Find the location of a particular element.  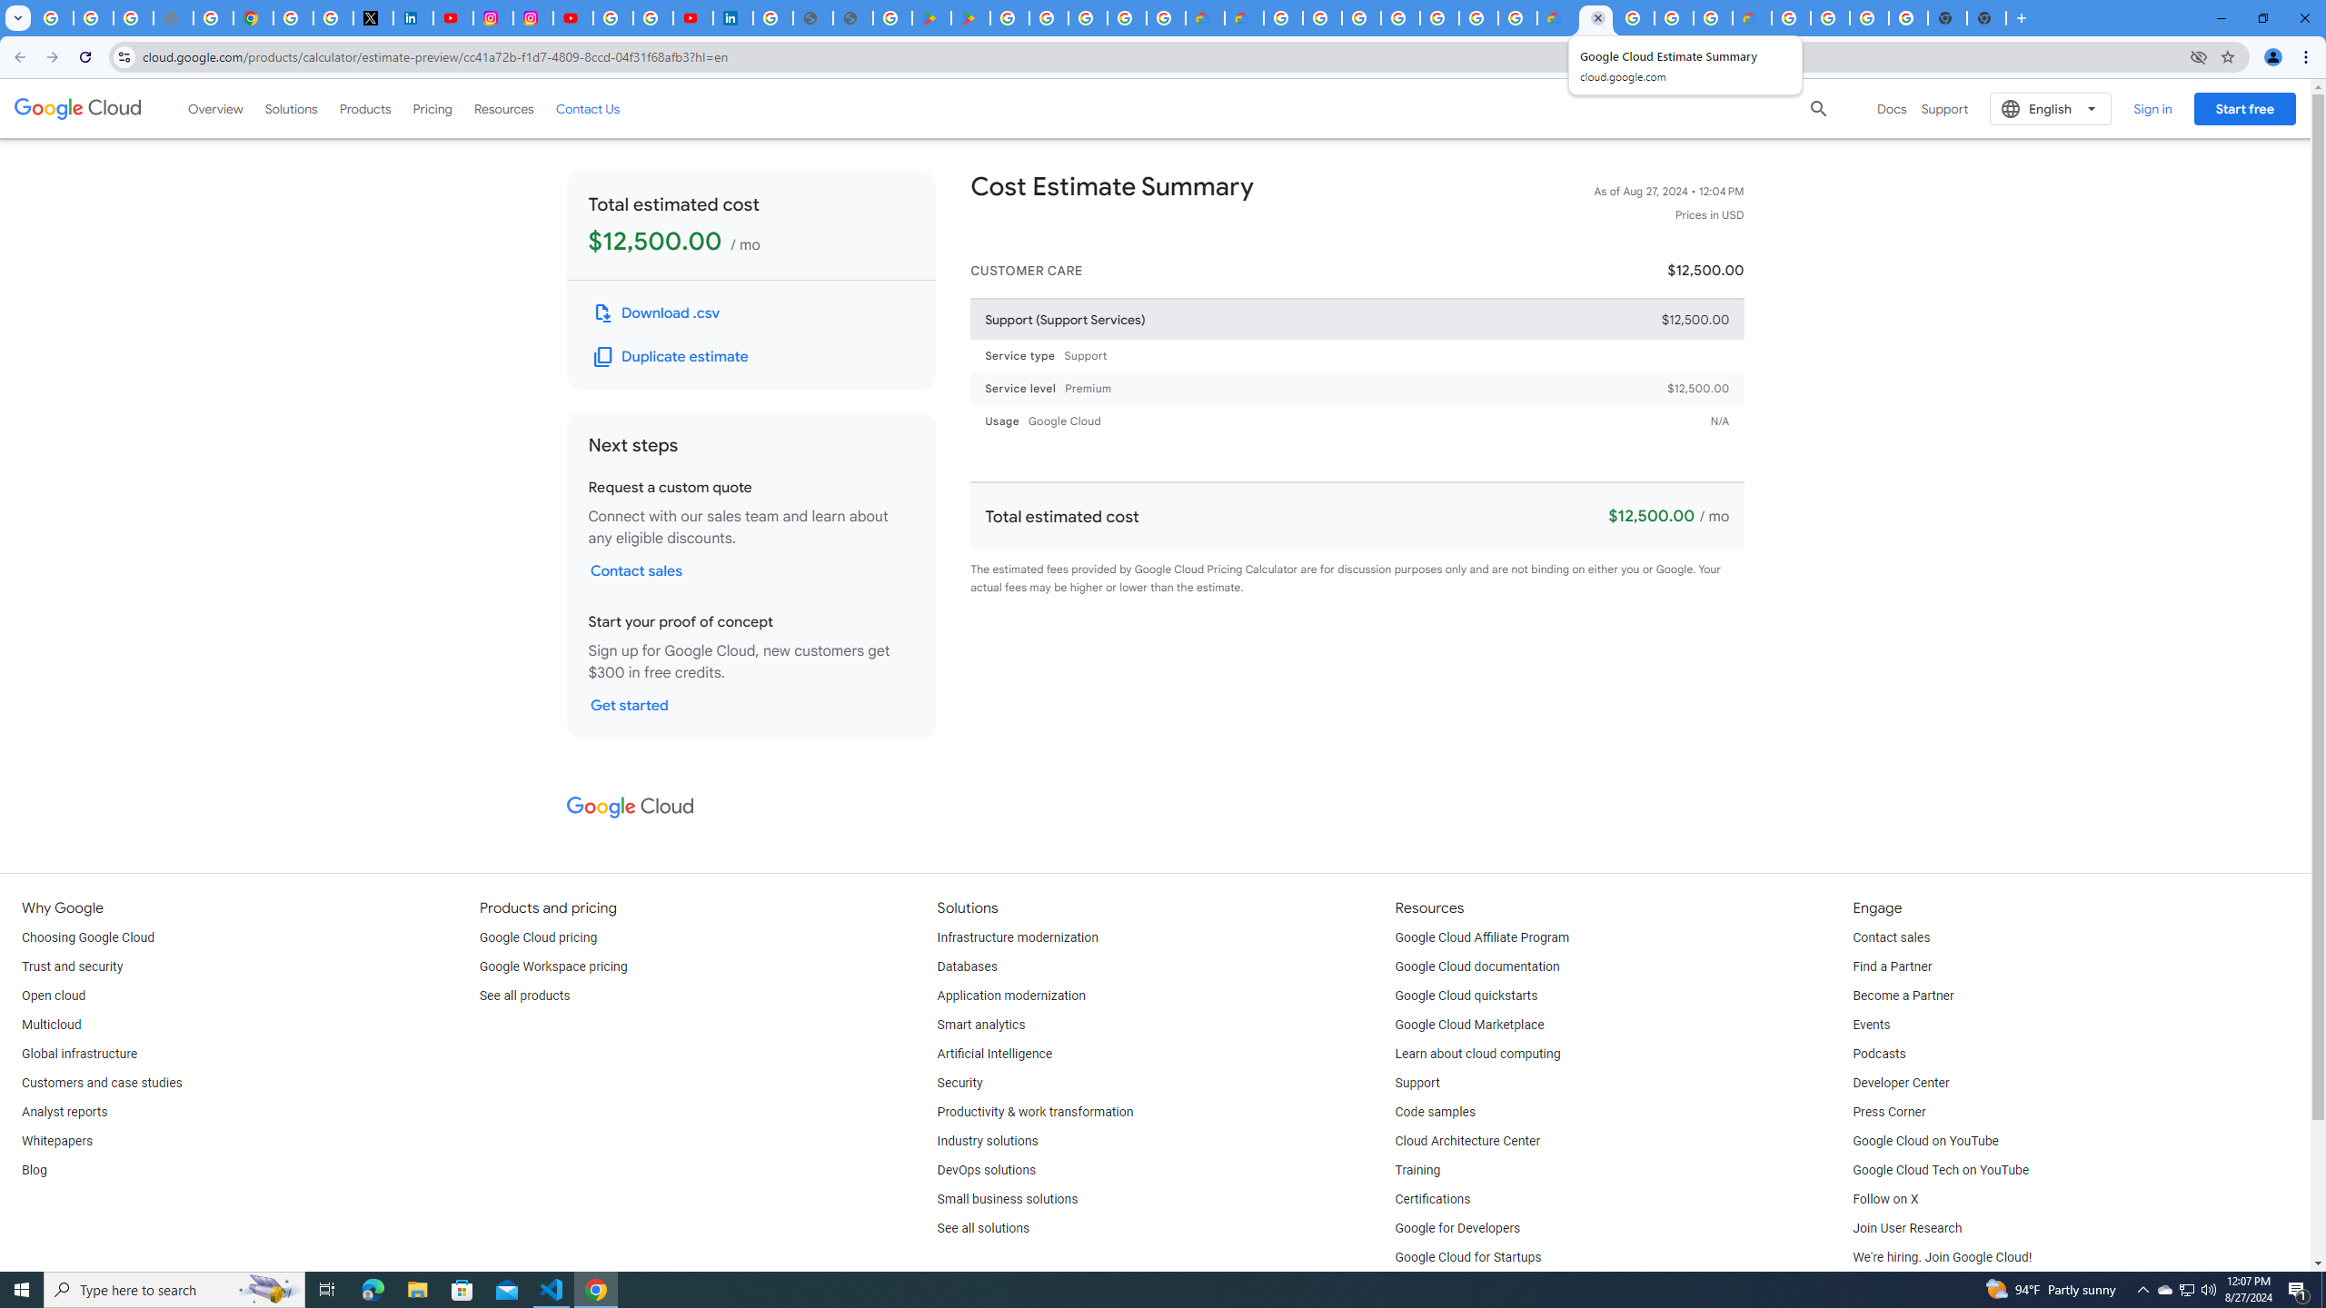

'Customer Care | Google Cloud' is located at coordinates (1556, 17).